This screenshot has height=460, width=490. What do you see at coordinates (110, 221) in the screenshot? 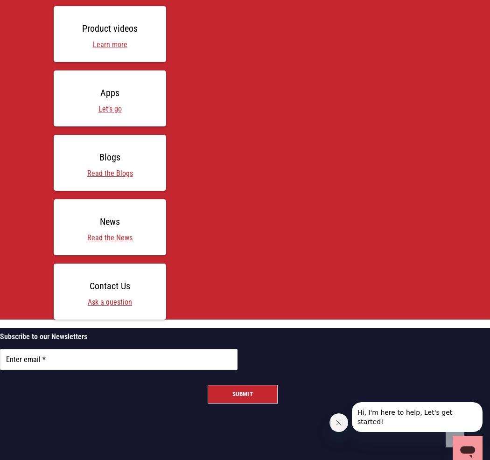
I see `'News'` at bounding box center [110, 221].